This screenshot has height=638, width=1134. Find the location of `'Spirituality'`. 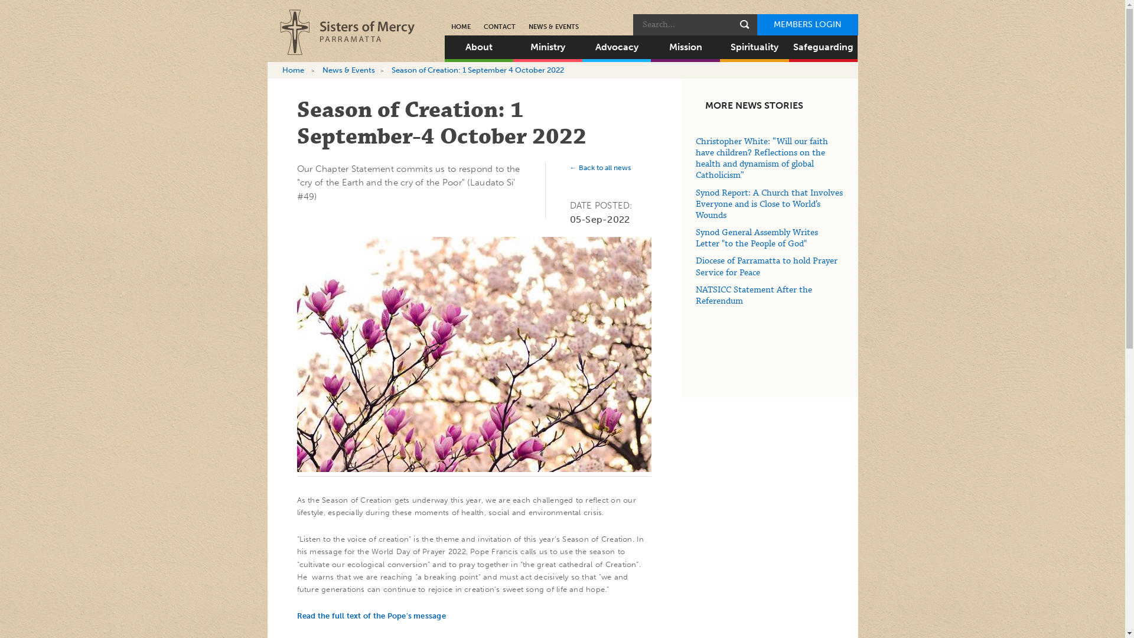

'Spirituality' is located at coordinates (754, 47).